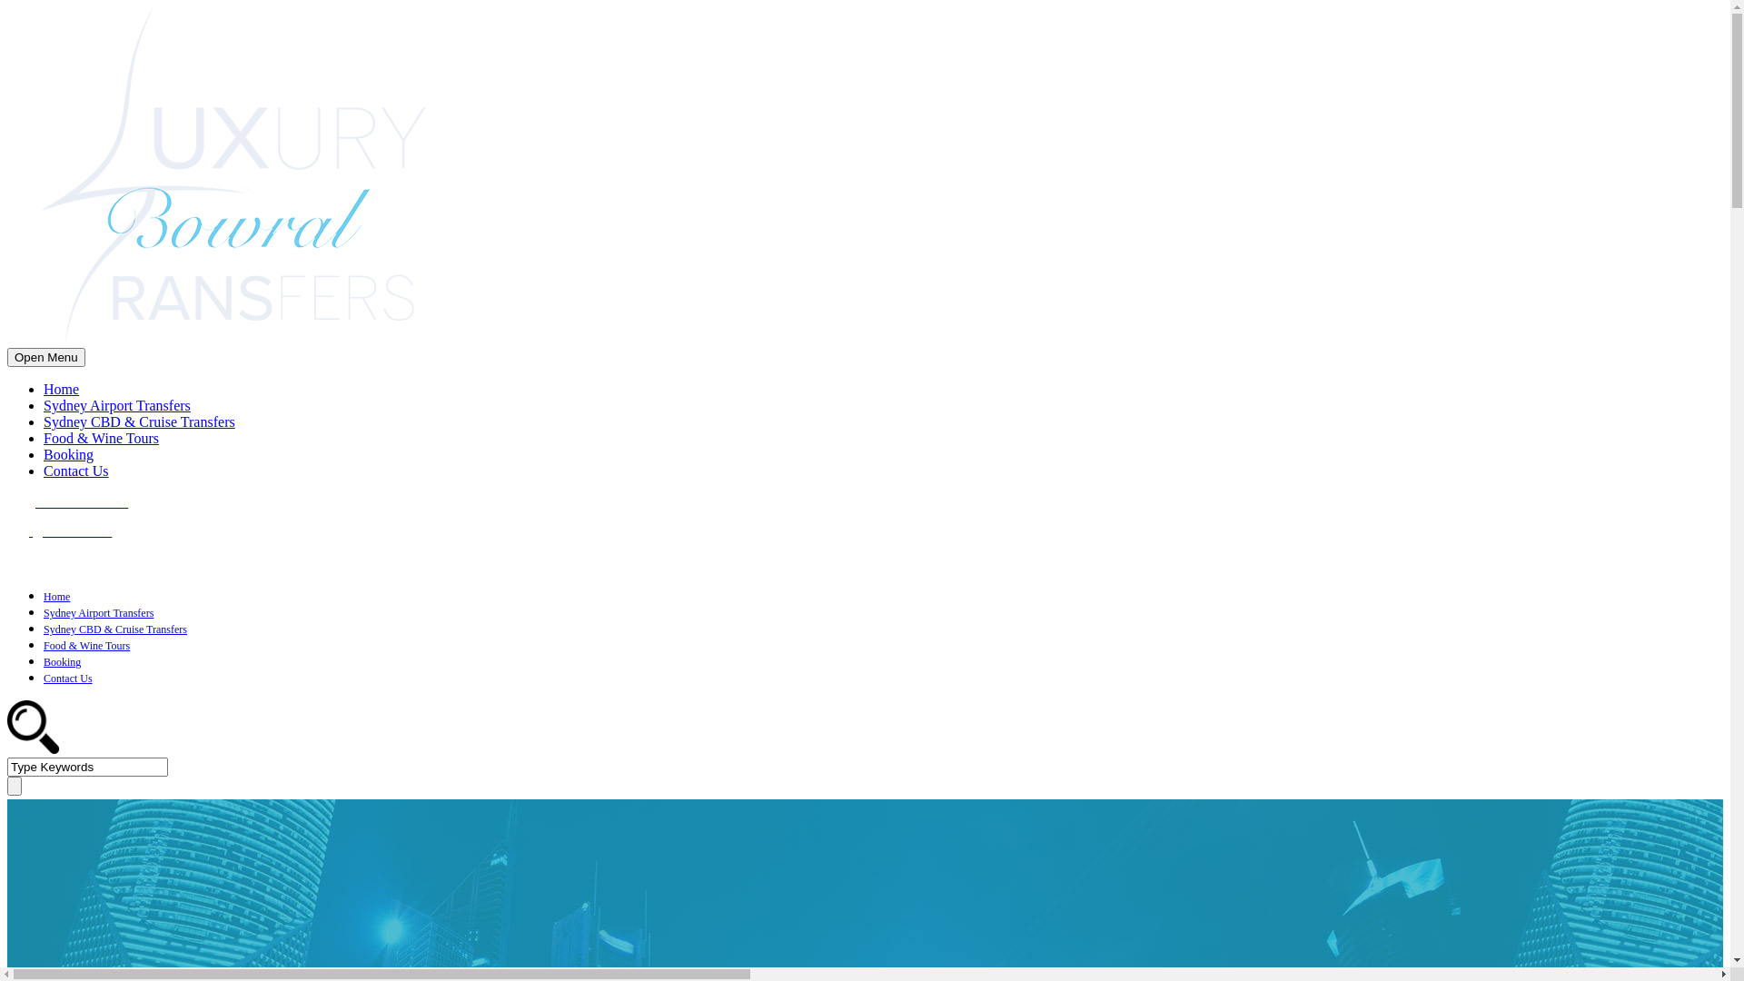 This screenshot has width=1744, height=981. What do you see at coordinates (114, 629) in the screenshot?
I see `'Sydney CBD & Cruise Transfers'` at bounding box center [114, 629].